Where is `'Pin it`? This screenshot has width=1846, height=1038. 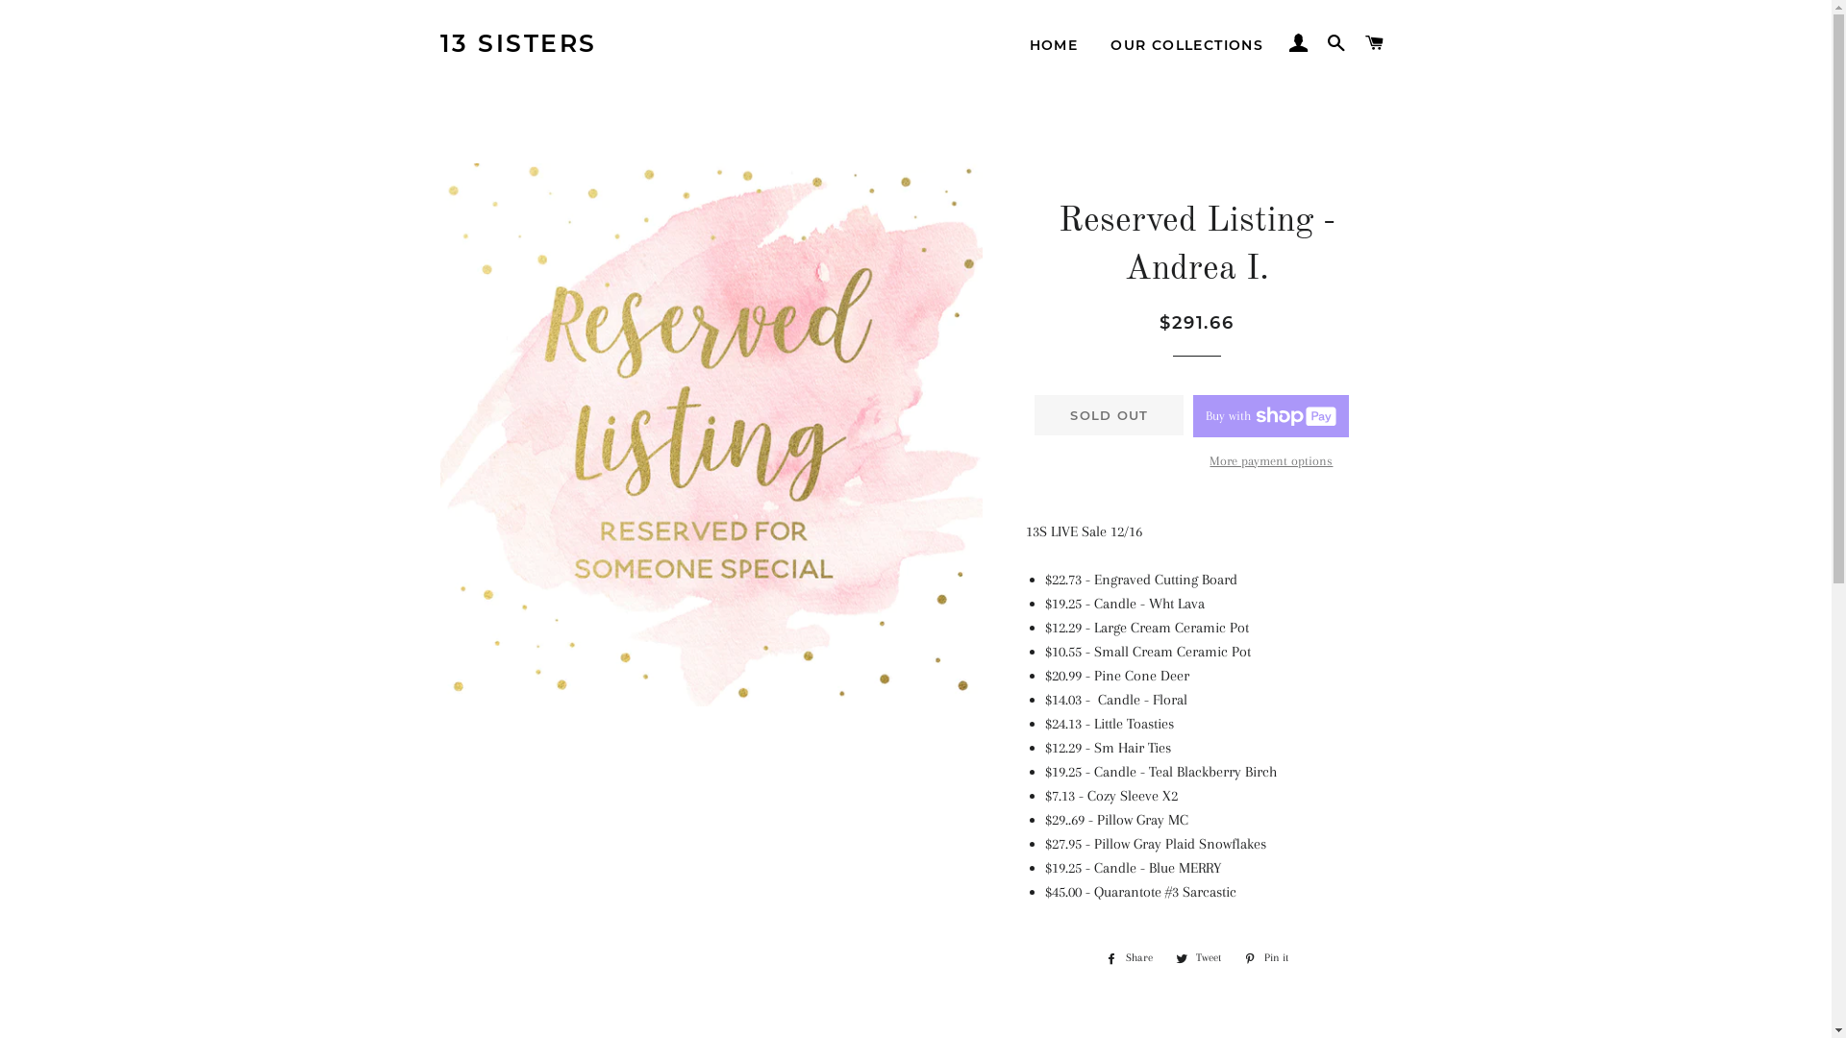
'Pin it is located at coordinates (1265, 957).